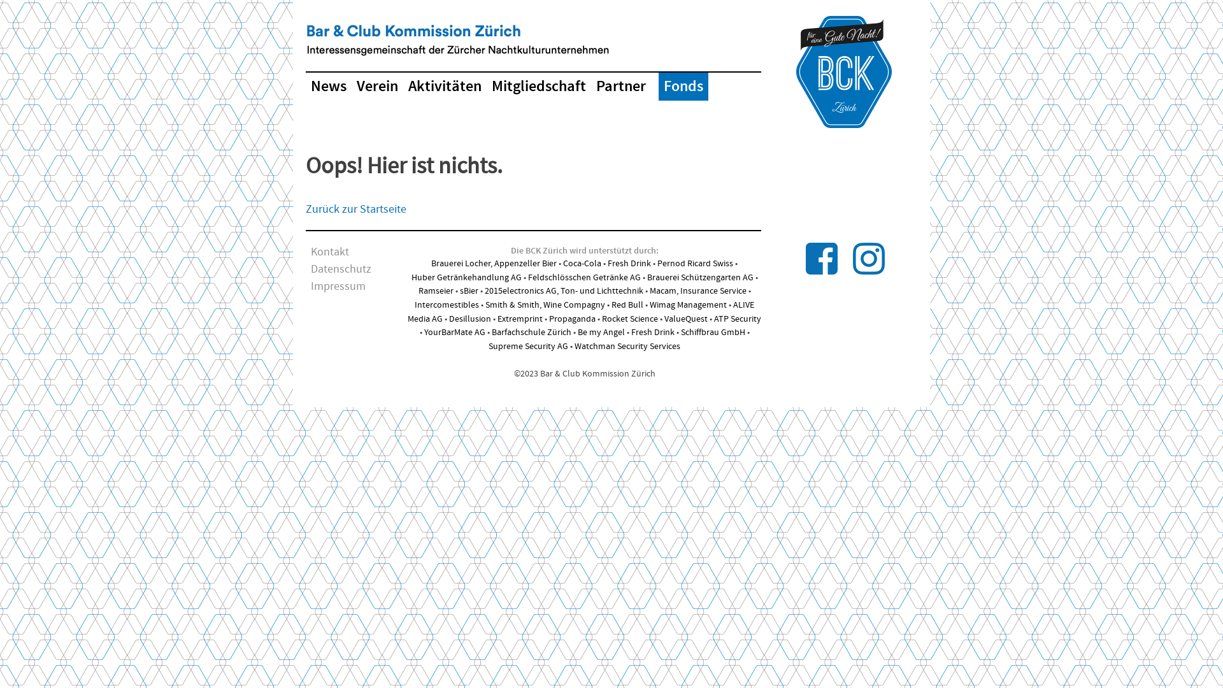  I want to click on 'Red Bull', so click(627, 305).